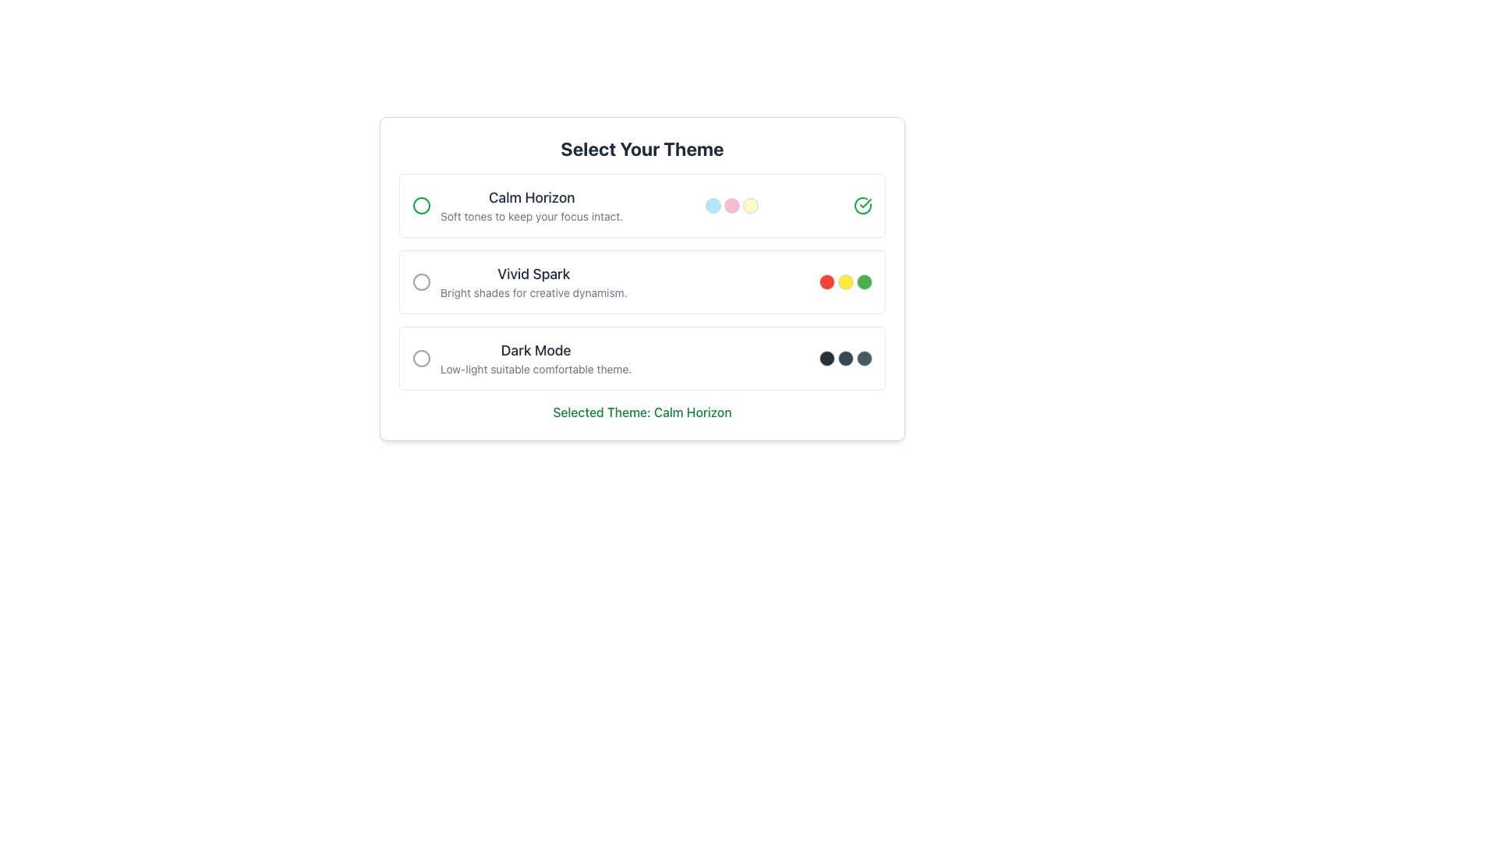 This screenshot has height=842, width=1497. Describe the element at coordinates (826, 358) in the screenshot. I see `the first circle` at that location.